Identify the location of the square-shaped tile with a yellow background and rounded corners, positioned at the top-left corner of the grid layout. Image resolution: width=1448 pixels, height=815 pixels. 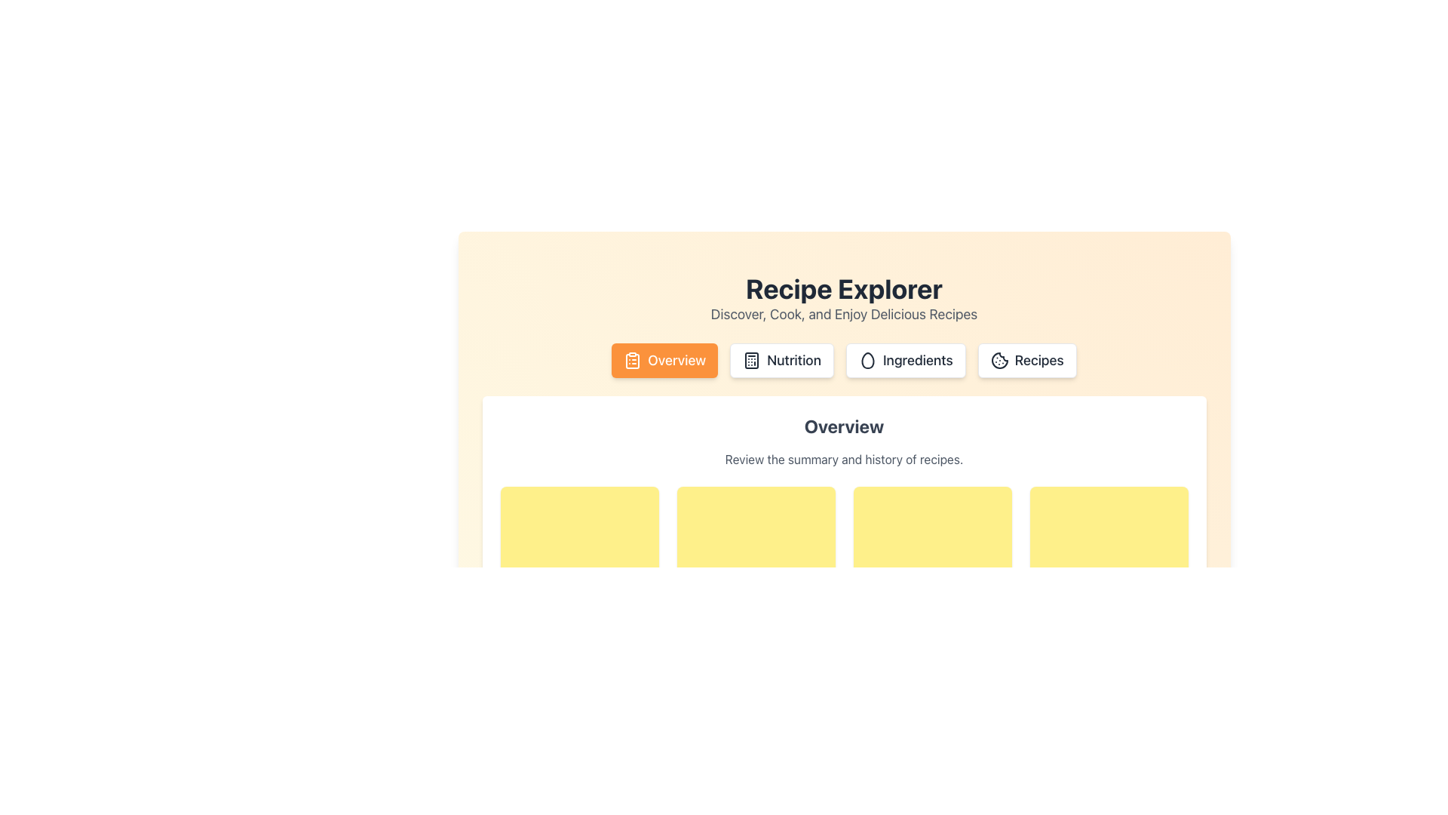
(578, 565).